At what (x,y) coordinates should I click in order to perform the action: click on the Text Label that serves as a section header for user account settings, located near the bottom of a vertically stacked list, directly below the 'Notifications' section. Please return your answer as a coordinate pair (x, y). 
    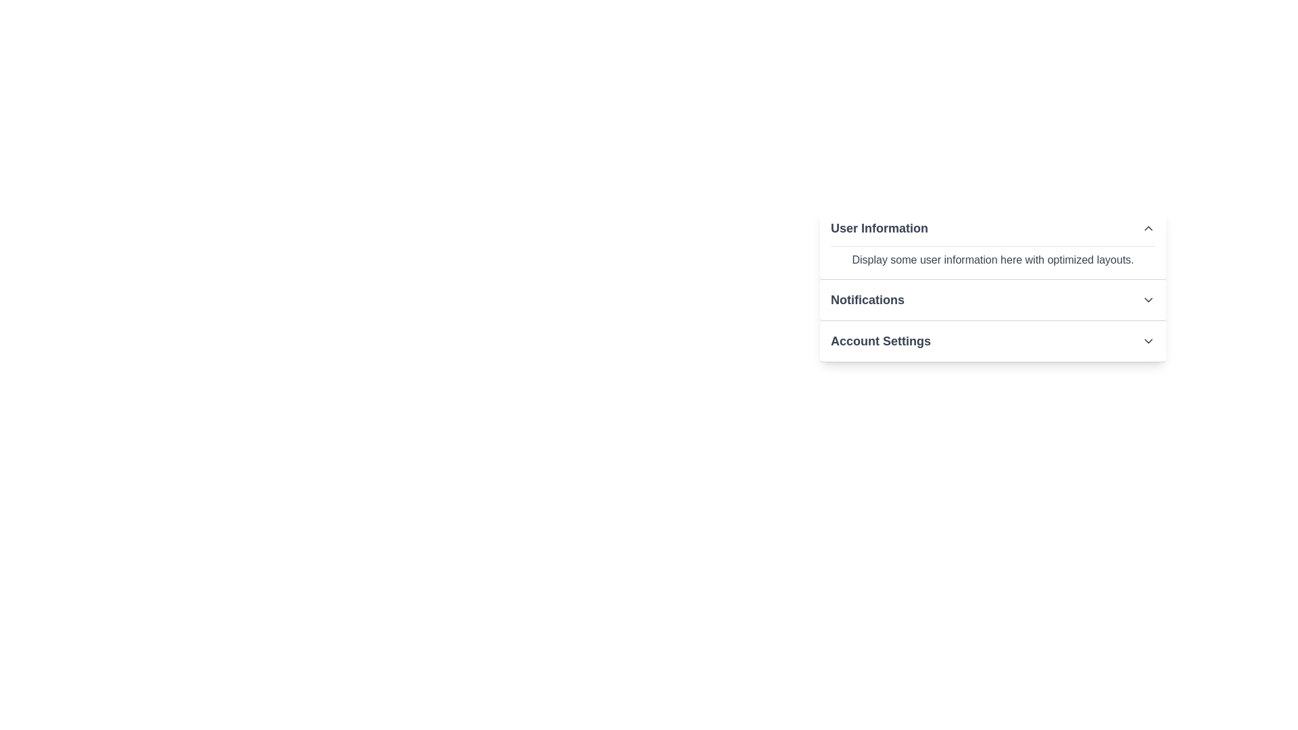
    Looking at the image, I should click on (881, 341).